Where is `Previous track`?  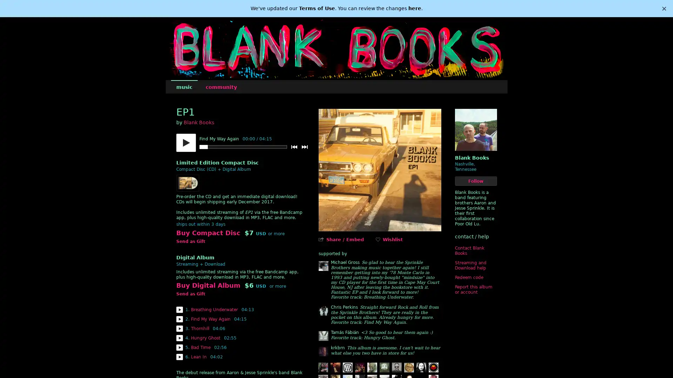
Previous track is located at coordinates (294, 147).